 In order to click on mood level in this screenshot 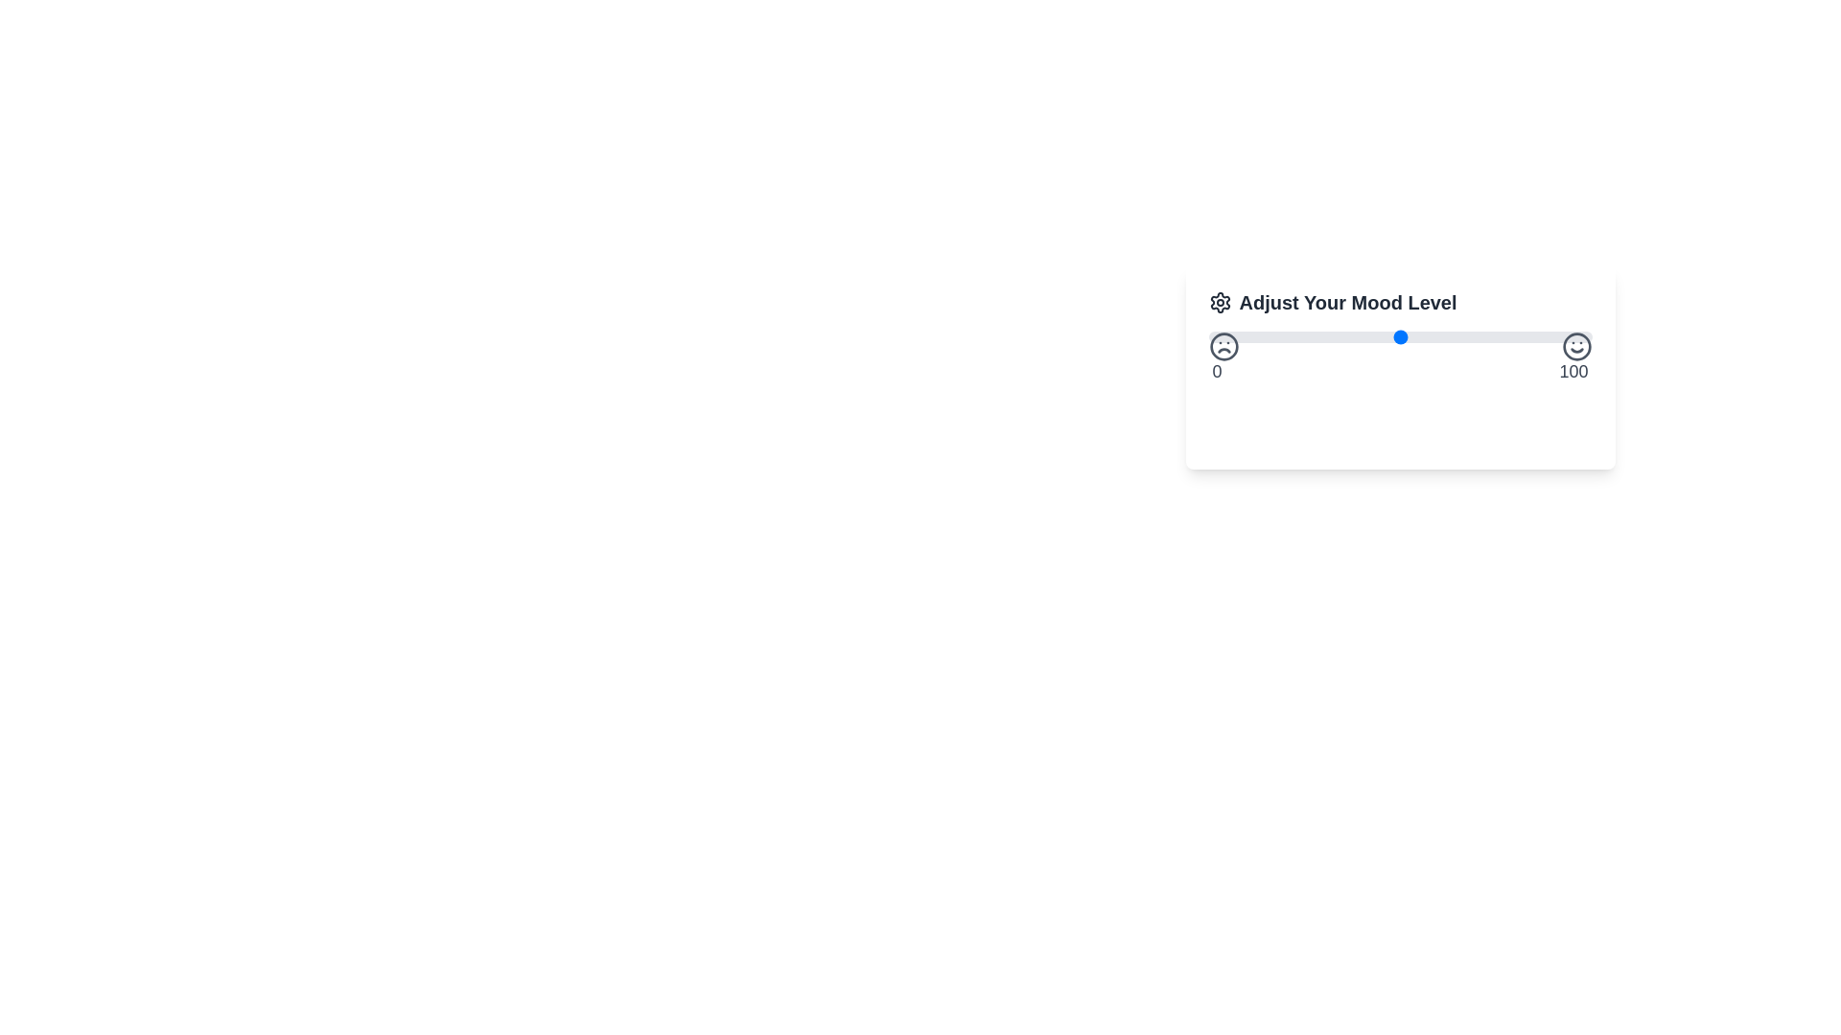, I will do `click(1385, 335)`.